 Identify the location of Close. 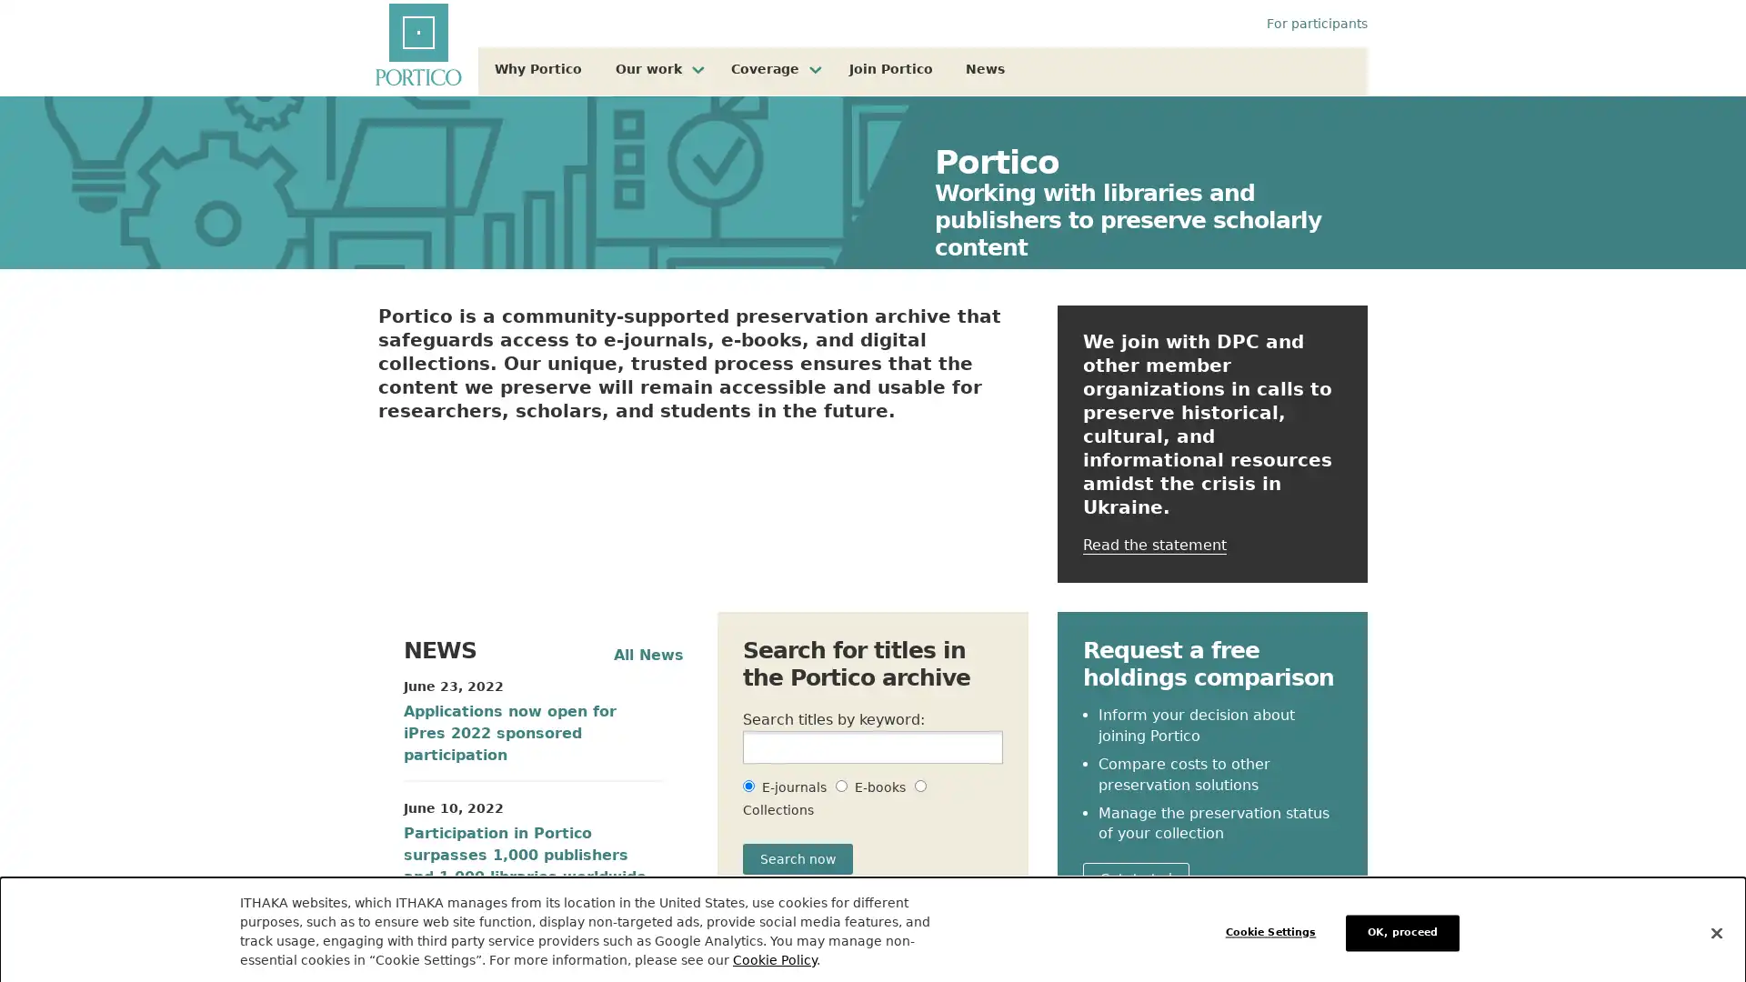
(1715, 923).